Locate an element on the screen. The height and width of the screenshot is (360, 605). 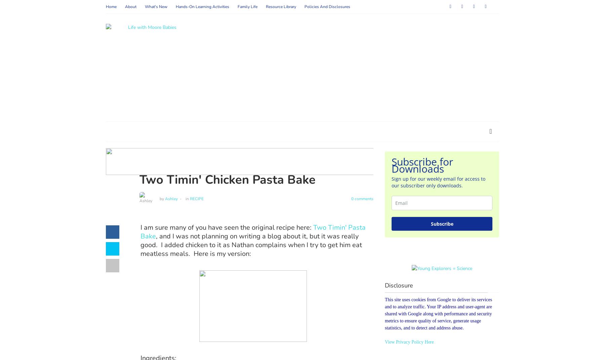
'Resource Library' is located at coordinates (266, 6).